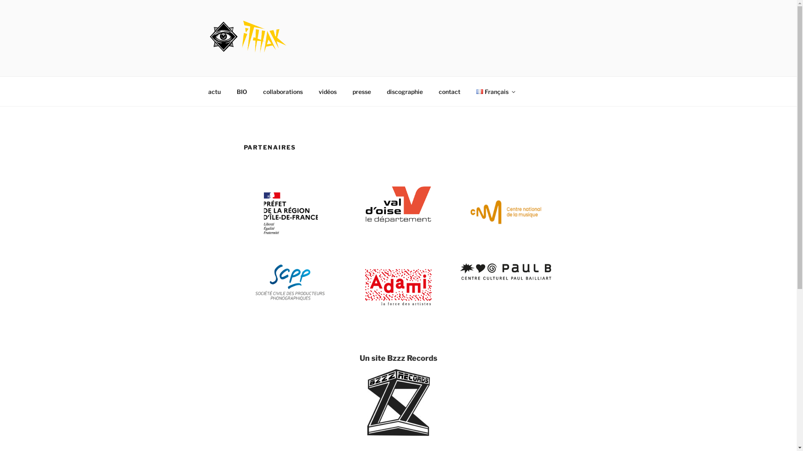 The image size is (803, 451). Describe the element at coordinates (449, 91) in the screenshot. I see `'contact'` at that location.